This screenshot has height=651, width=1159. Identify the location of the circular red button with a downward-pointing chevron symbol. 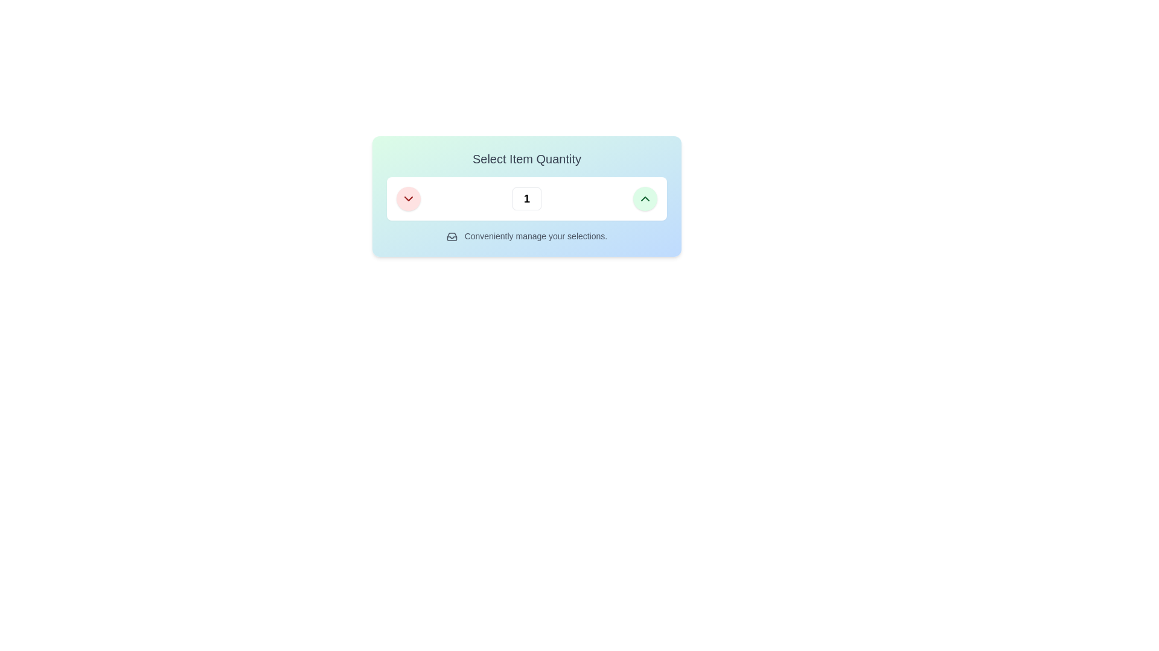
(408, 198).